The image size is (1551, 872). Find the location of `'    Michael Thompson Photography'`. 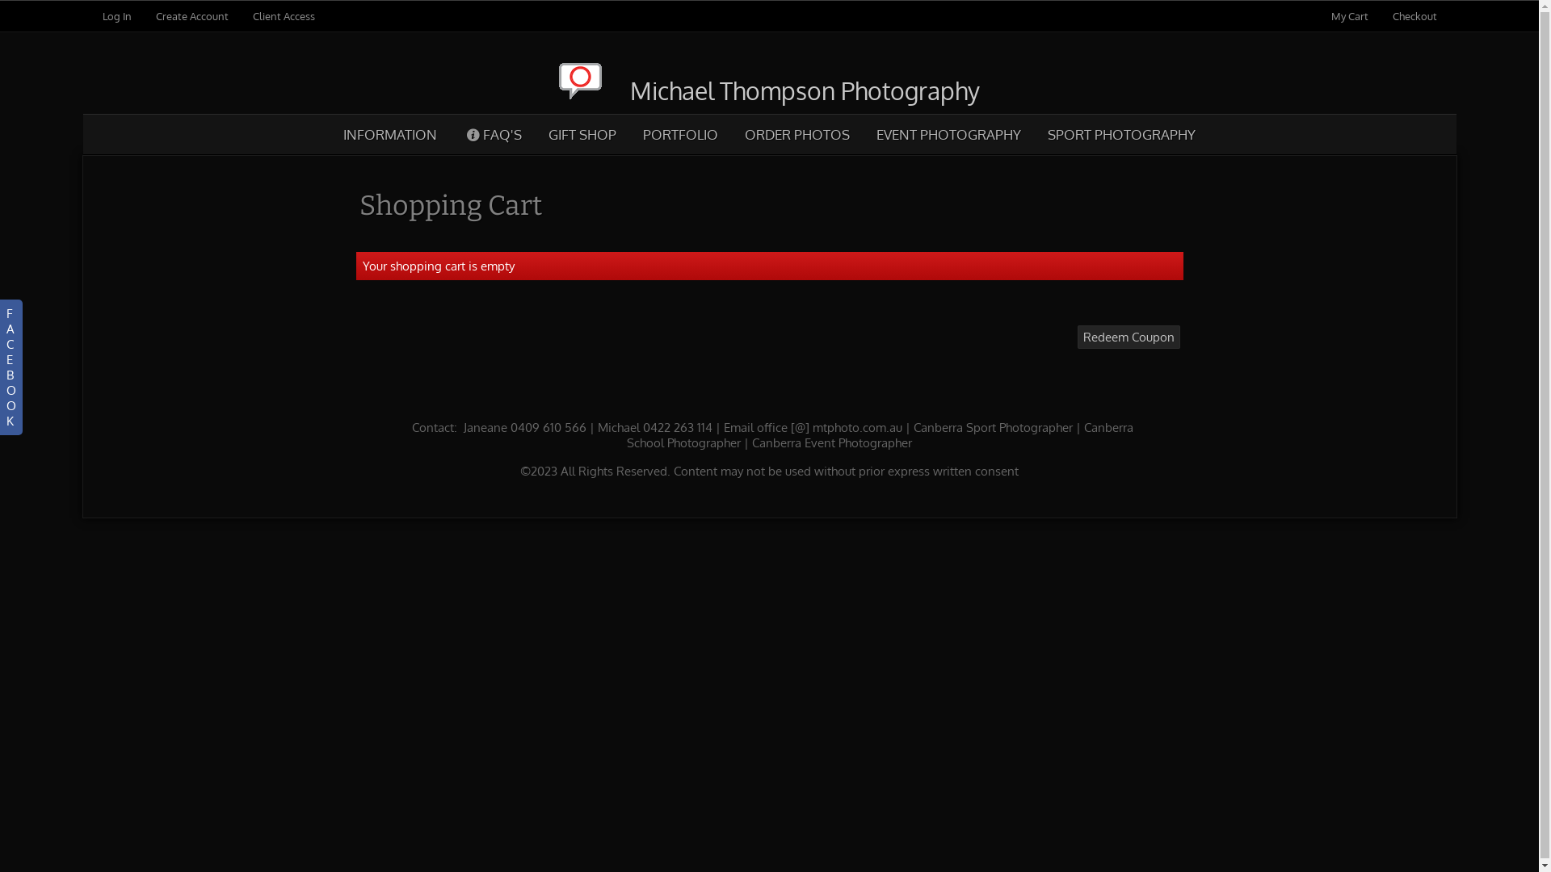

'    Michael Thompson Photography' is located at coordinates (768, 90).